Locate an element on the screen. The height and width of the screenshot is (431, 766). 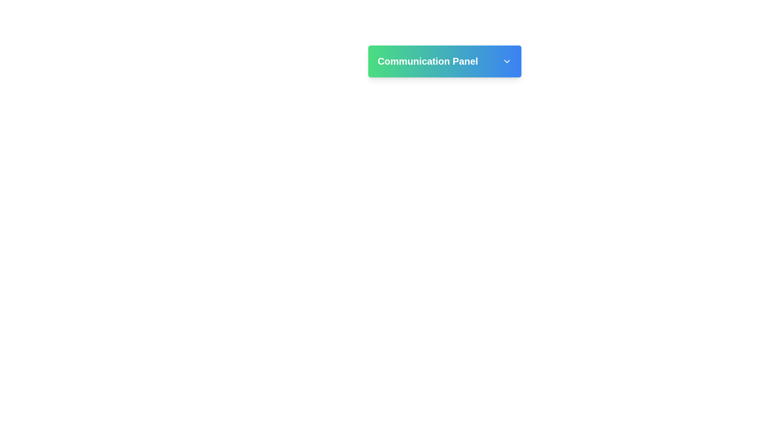
the 'Communication Panel' header with a dropdown indicator, which is a rectangular panel with a gradient background and a down arrow icon on the right side is located at coordinates (444, 61).